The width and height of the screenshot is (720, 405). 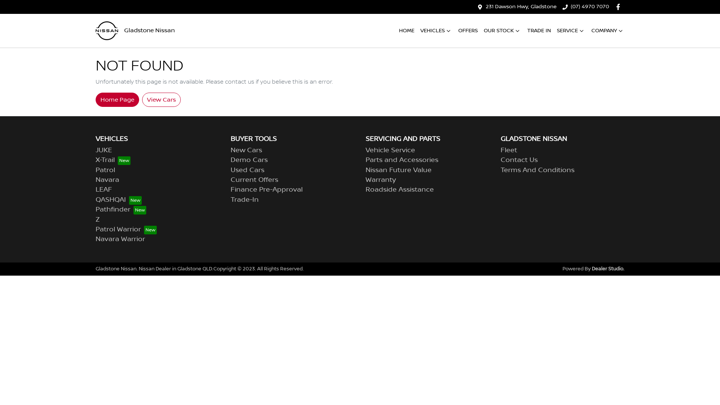 What do you see at coordinates (519, 160) in the screenshot?
I see `'Contact Us'` at bounding box center [519, 160].